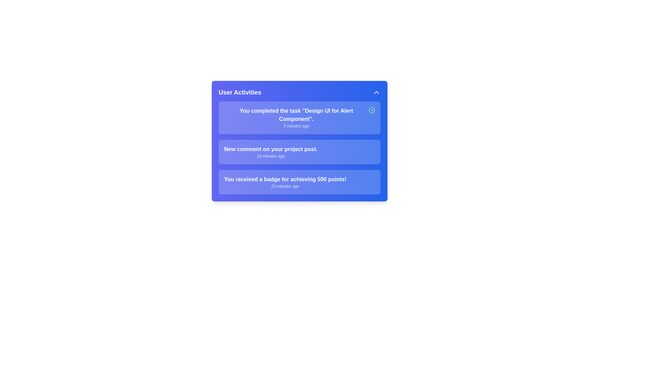 The width and height of the screenshot is (659, 370). Describe the element at coordinates (300, 148) in the screenshot. I see `the second Informational card in the 'User Activities' section that notifies the user of a new comment on their project post` at that location.